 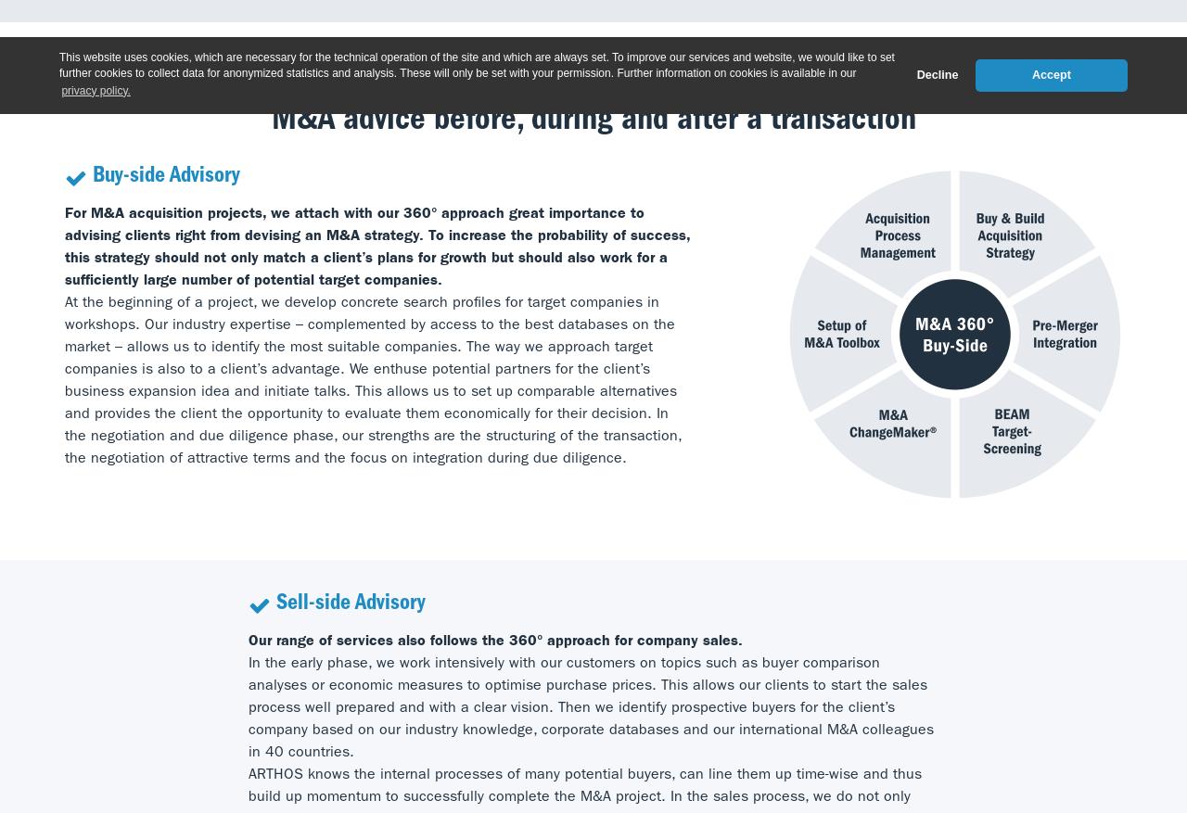 What do you see at coordinates (166, 177) in the screenshot?
I see `'Buy-side Advisory'` at bounding box center [166, 177].